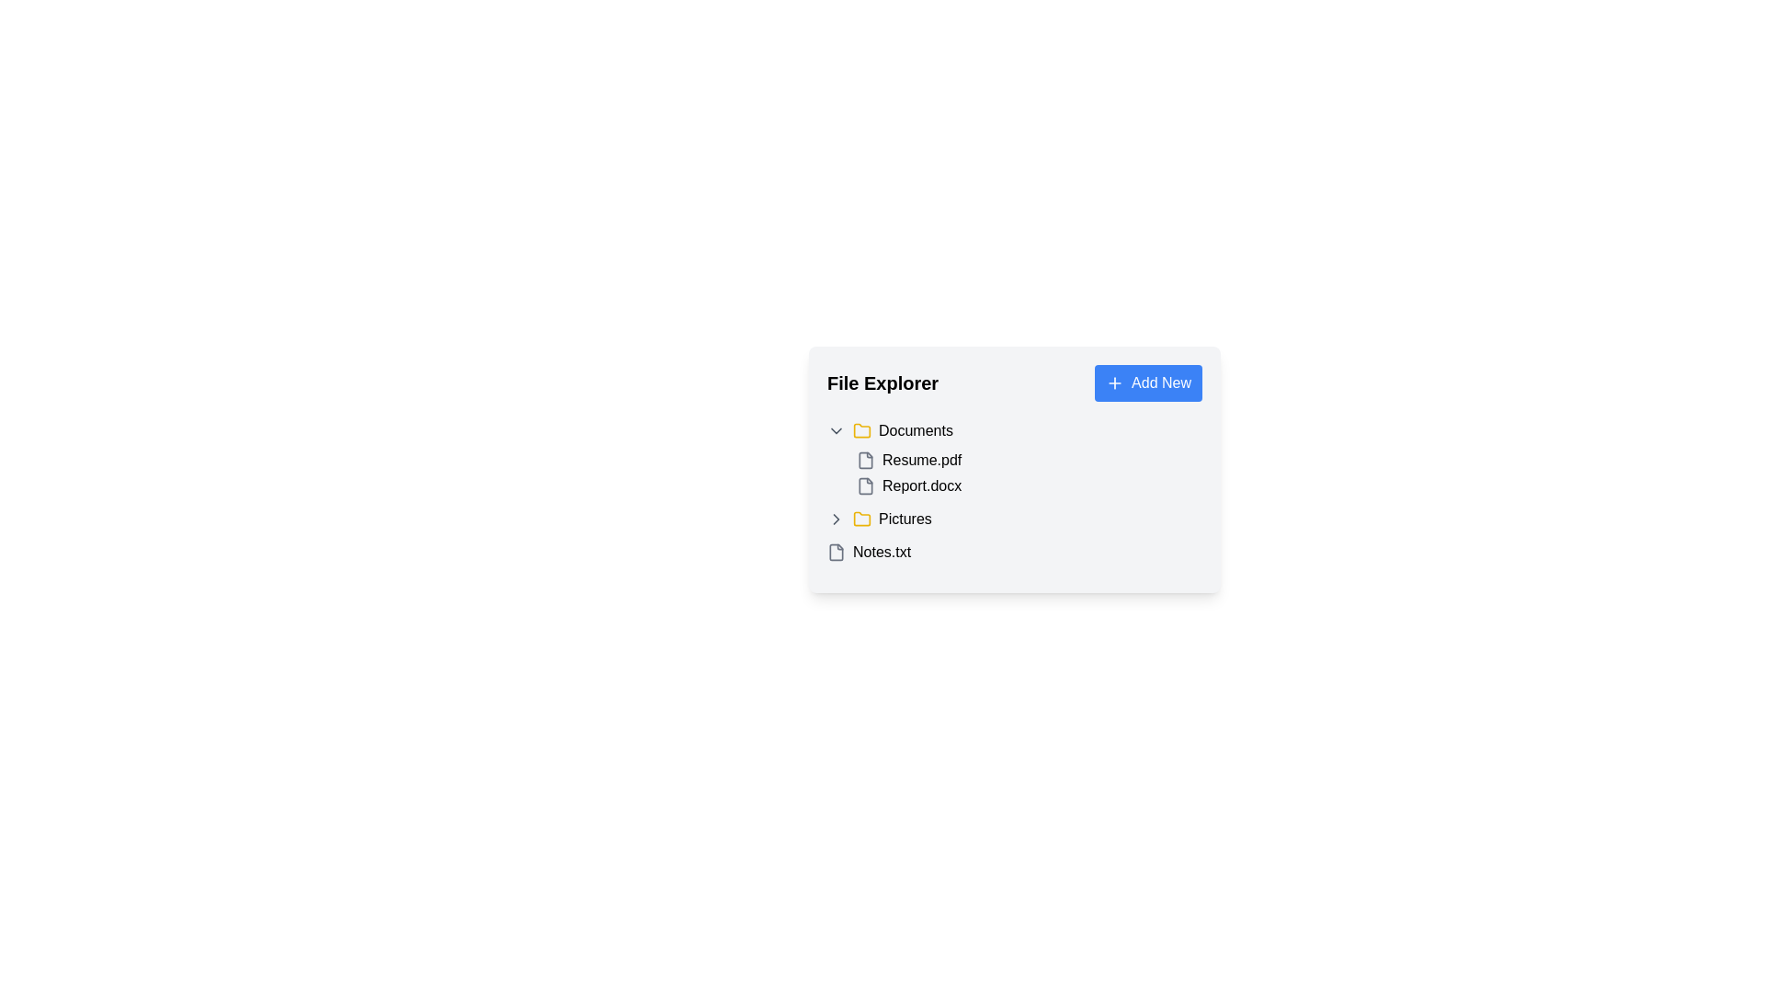 The height and width of the screenshot is (993, 1765). Describe the element at coordinates (836, 519) in the screenshot. I see `the chevron arrow icon pointing to the right, located next to the 'Pictures' label in the file explorer interface` at that location.